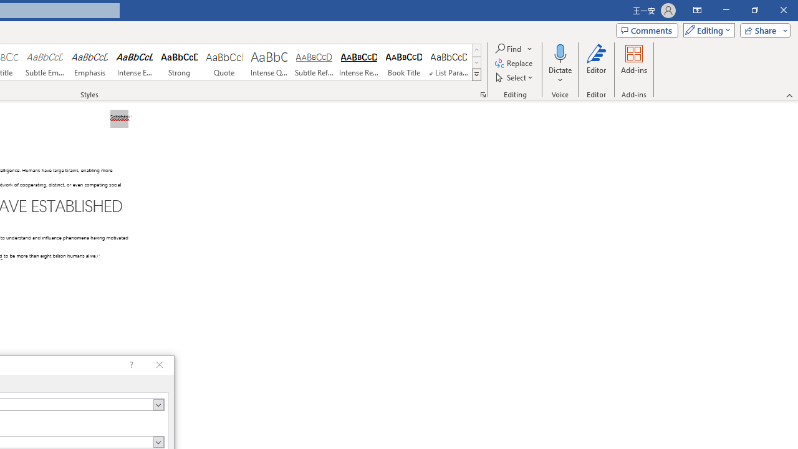  Describe the element at coordinates (560, 75) in the screenshot. I see `'More Options'` at that location.